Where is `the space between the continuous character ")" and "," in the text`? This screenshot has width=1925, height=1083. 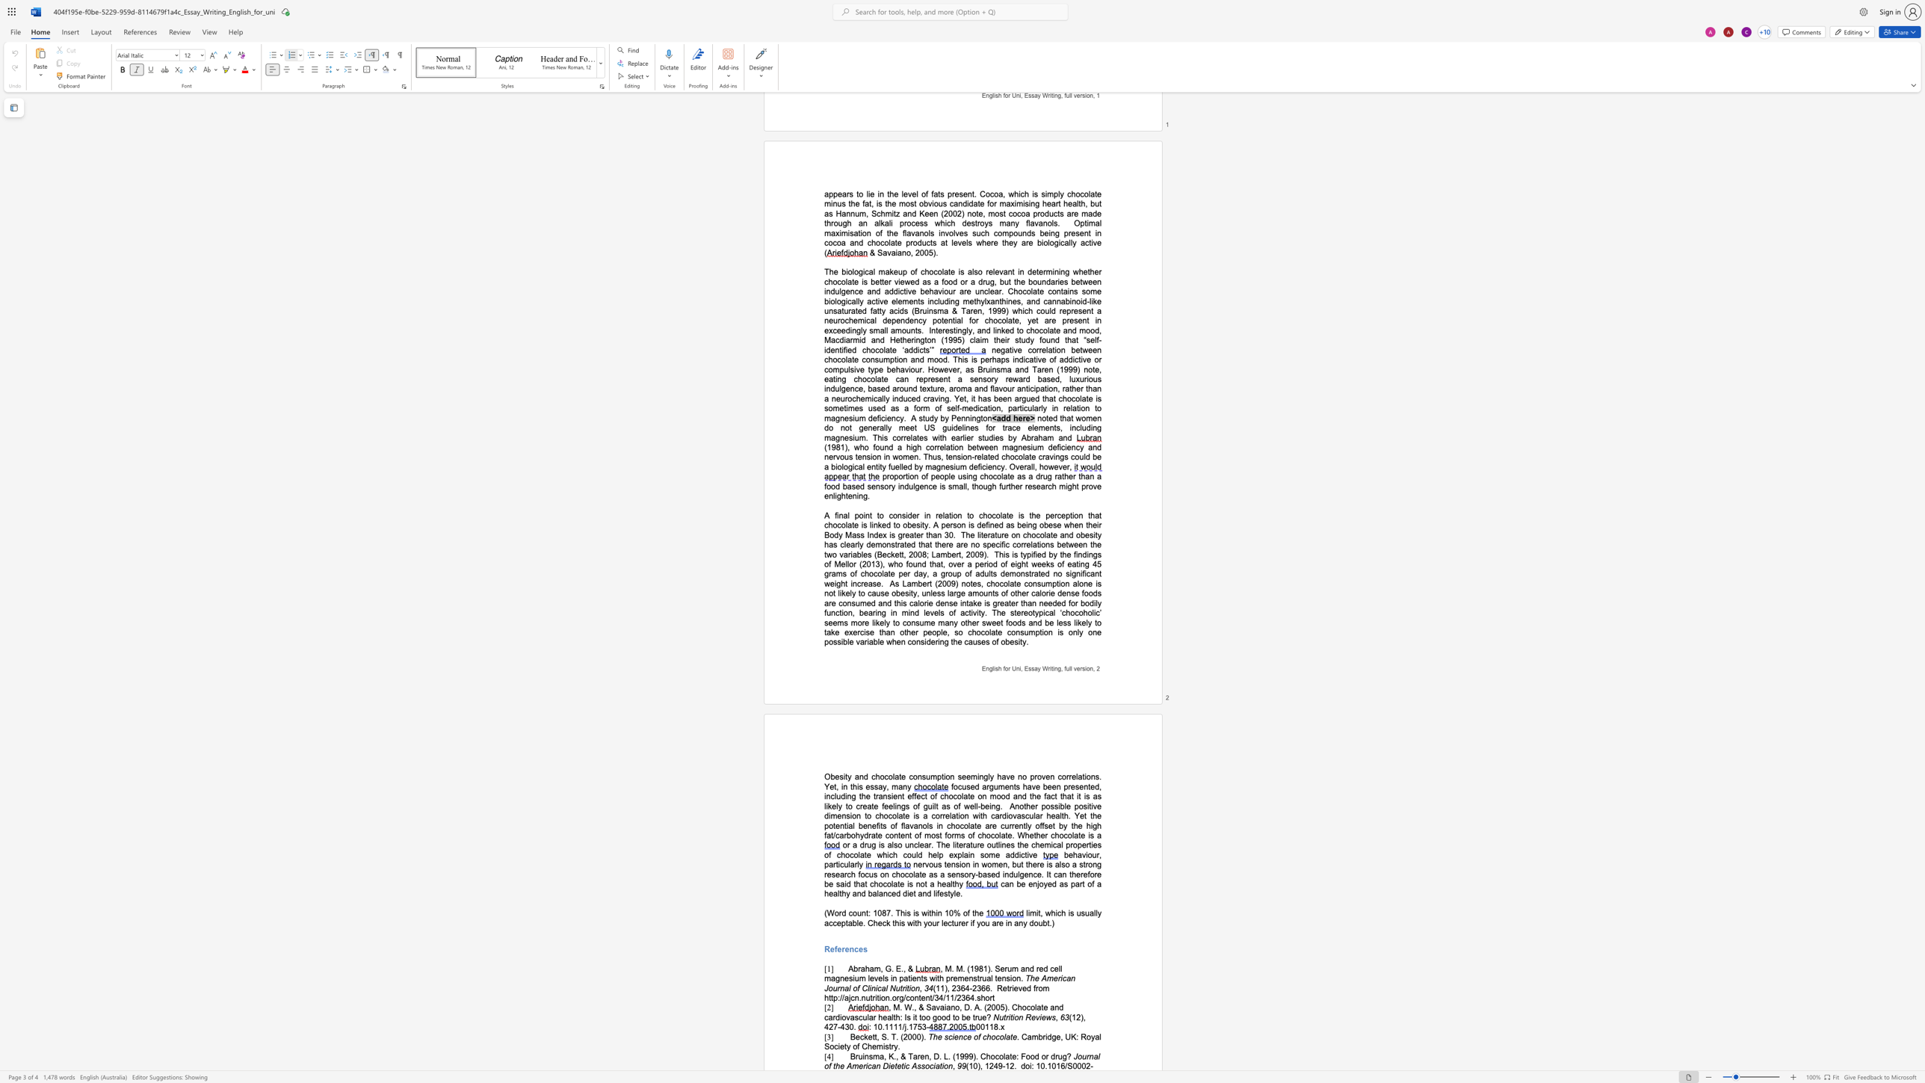
the space between the continuous character ")" and "," in the text is located at coordinates (980, 1066).